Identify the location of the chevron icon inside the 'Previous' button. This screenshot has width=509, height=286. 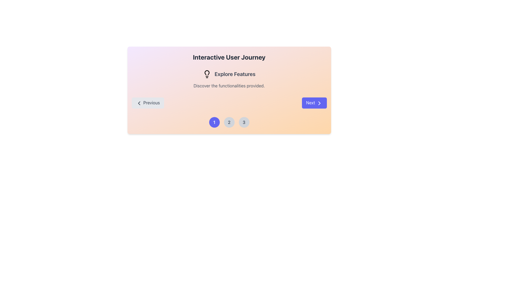
(139, 103).